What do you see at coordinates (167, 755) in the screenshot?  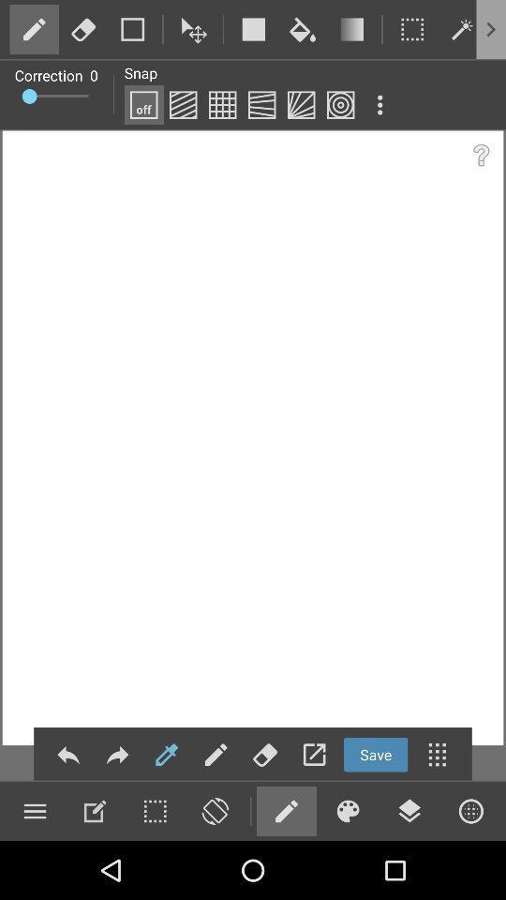 I see `the edit icon` at bounding box center [167, 755].